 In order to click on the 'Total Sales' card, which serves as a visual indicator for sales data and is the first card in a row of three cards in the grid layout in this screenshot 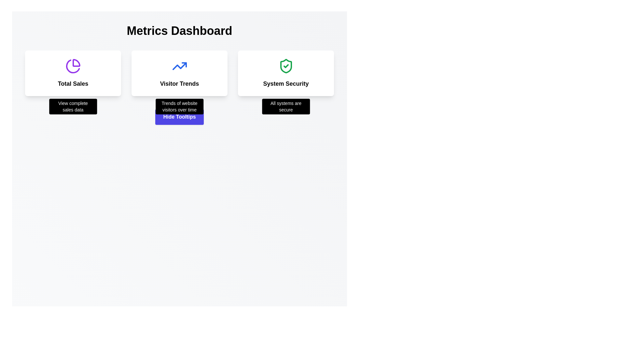, I will do `click(73, 73)`.